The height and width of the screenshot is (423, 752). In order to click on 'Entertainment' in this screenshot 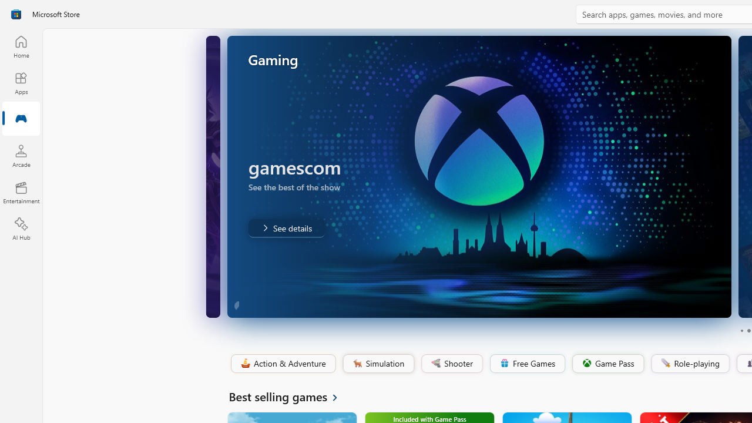, I will do `click(21, 192)`.